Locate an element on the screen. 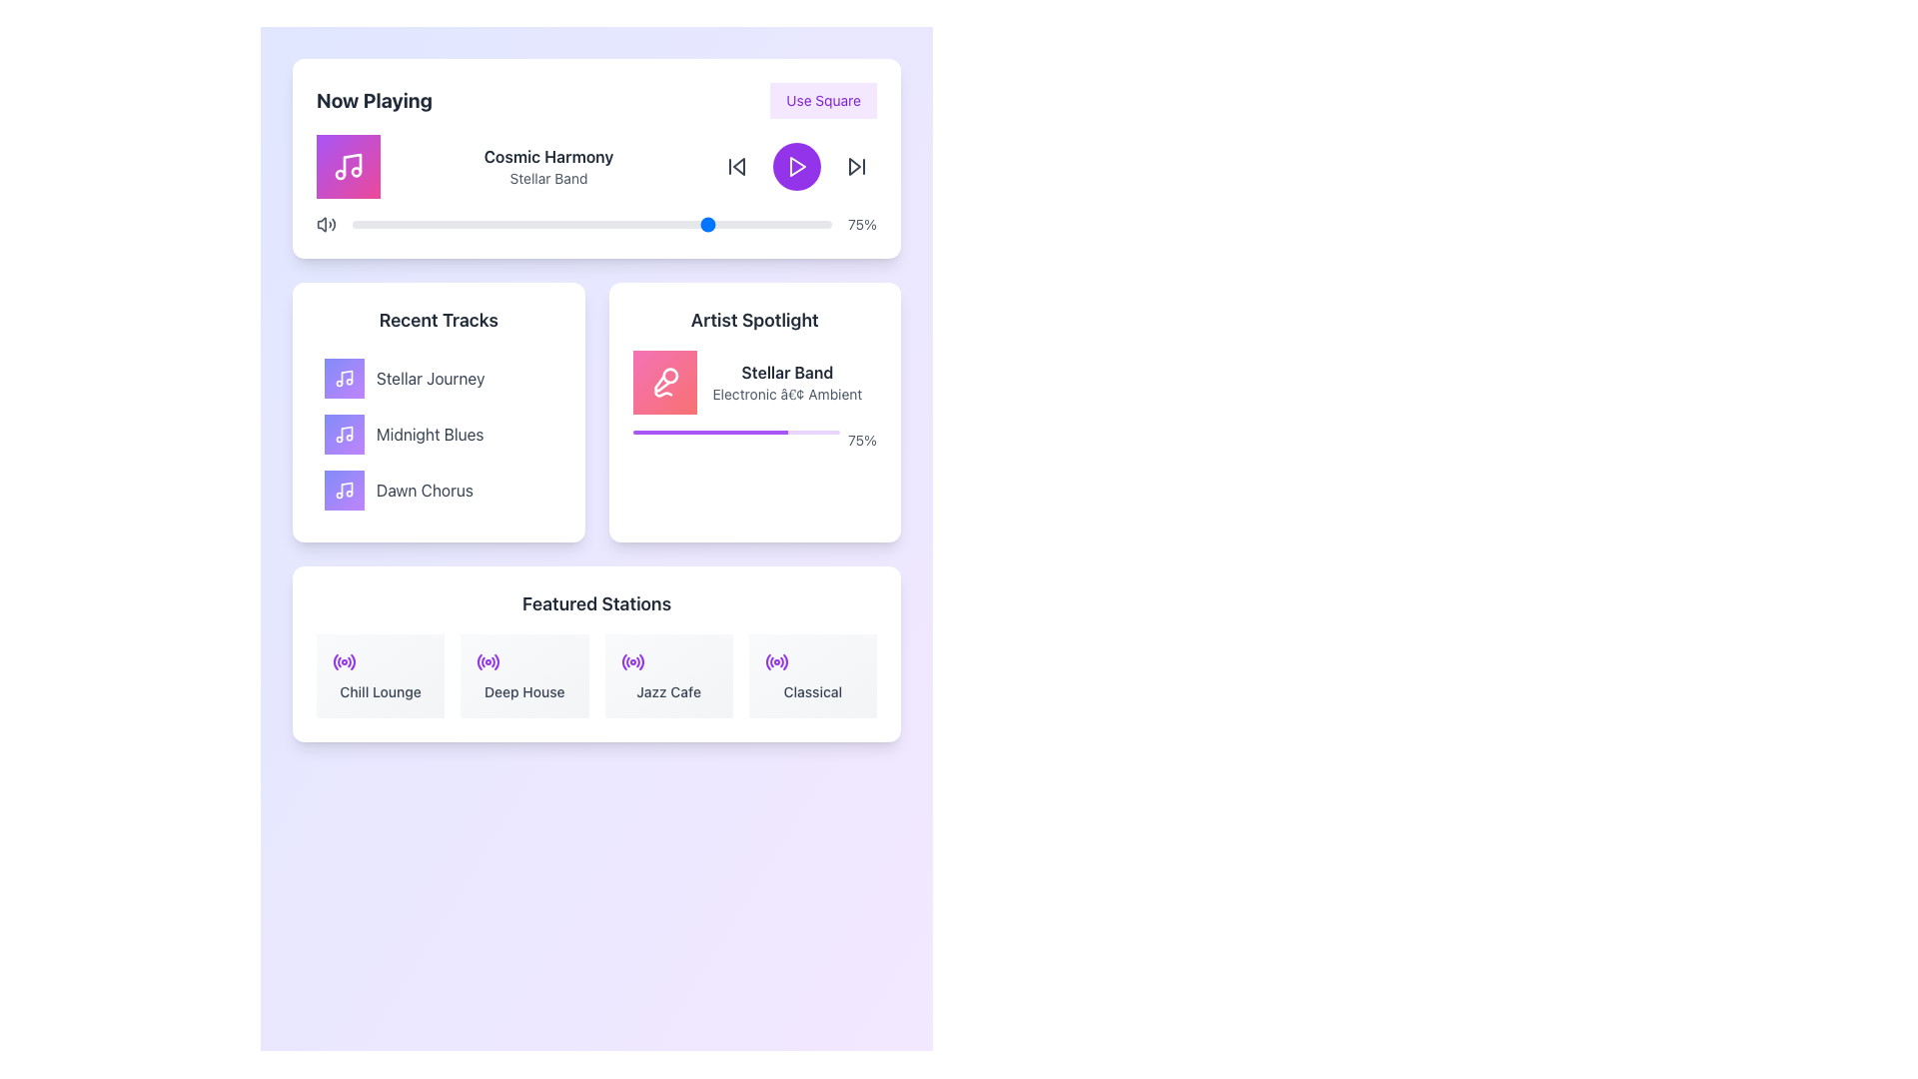  the progress bar fill representing 75% completion in the 'Artist Spotlight' section is located at coordinates (710, 431).